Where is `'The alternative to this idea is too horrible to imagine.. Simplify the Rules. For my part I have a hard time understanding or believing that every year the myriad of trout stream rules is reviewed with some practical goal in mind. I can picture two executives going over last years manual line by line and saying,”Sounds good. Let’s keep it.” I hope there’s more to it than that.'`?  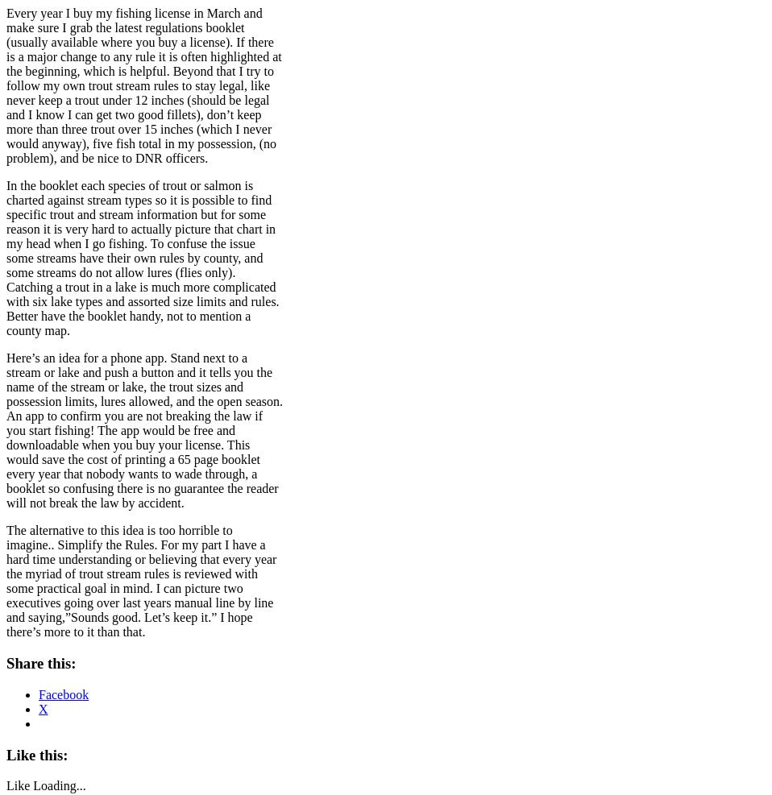
'The alternative to this idea is too horrible to imagine.. Simplify the Rules. For my part I have a hard time understanding or believing that every year the myriad of trout stream rules is reviewed with some practical goal in mind. I can picture two executives going over last years manual line by line and saying,”Sounds good. Let’s keep it.” I hope there’s more to it than that.' is located at coordinates (6, 580).